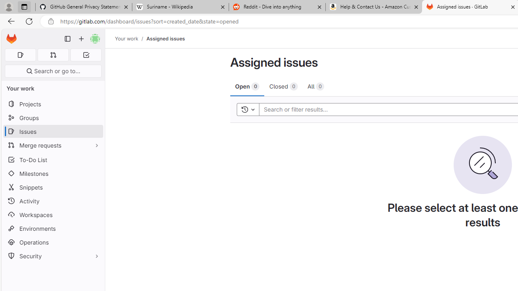 This screenshot has width=518, height=291. Describe the element at coordinates (53, 187) in the screenshot. I see `'Snippets'` at that location.